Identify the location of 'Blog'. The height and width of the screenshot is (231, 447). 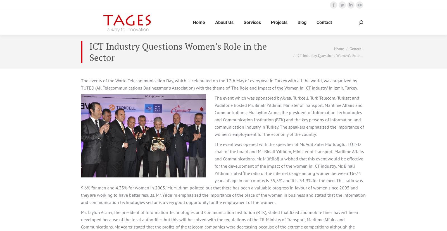
(302, 22).